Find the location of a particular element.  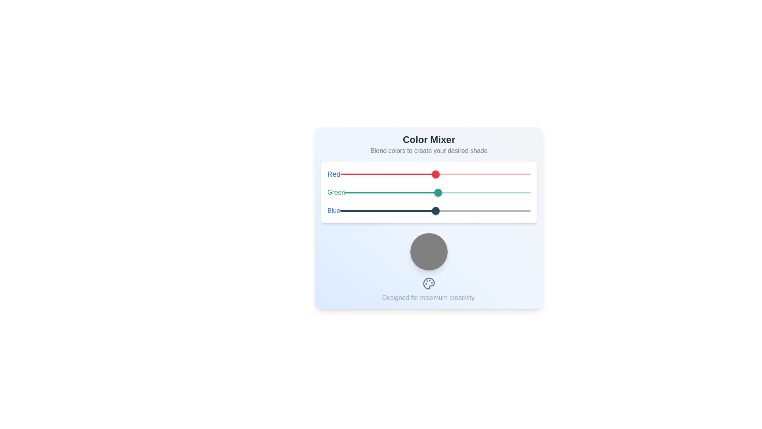

the slider handle of the 'Red' slider is located at coordinates (435, 174).